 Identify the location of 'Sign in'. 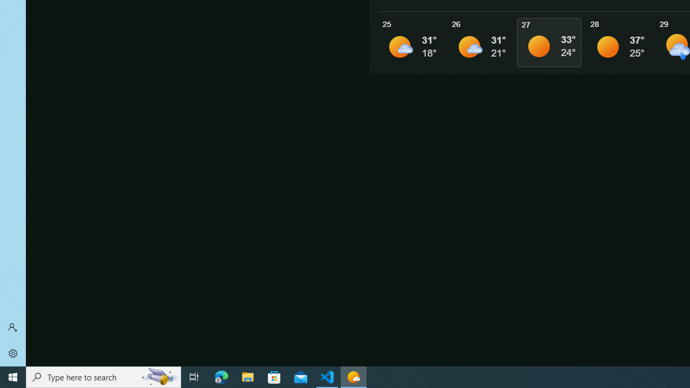
(13, 327).